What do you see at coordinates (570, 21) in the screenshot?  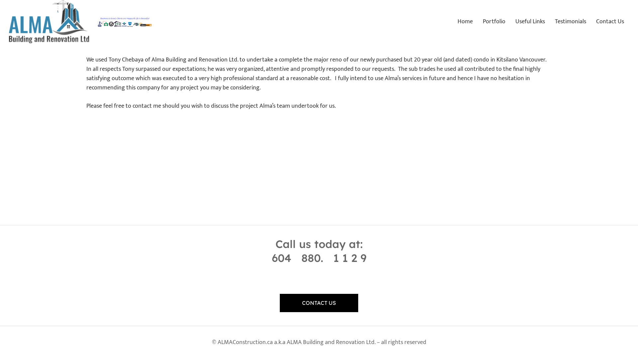 I see `'Testimonials'` at bounding box center [570, 21].